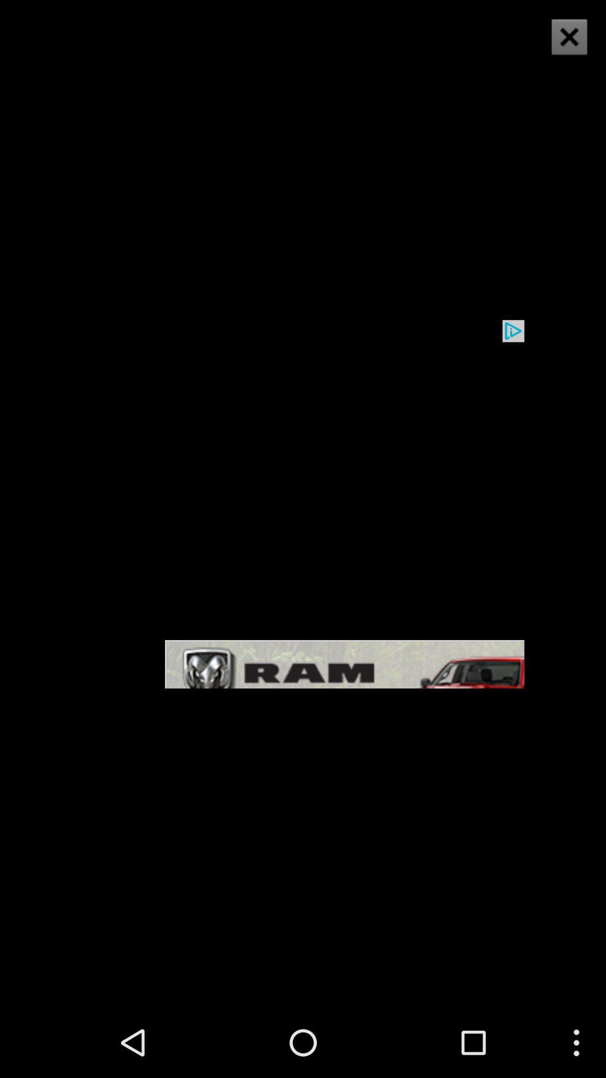 The height and width of the screenshot is (1078, 606). What do you see at coordinates (569, 39) in the screenshot?
I see `the close icon` at bounding box center [569, 39].